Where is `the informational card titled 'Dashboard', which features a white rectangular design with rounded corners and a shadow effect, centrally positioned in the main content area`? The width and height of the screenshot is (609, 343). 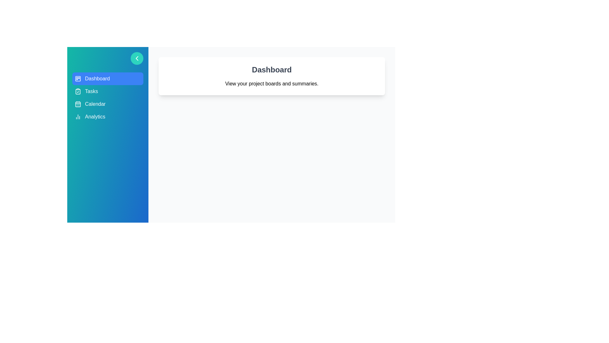 the informational card titled 'Dashboard', which features a white rectangular design with rounded corners and a shadow effect, centrally positioned in the main content area is located at coordinates (272, 76).